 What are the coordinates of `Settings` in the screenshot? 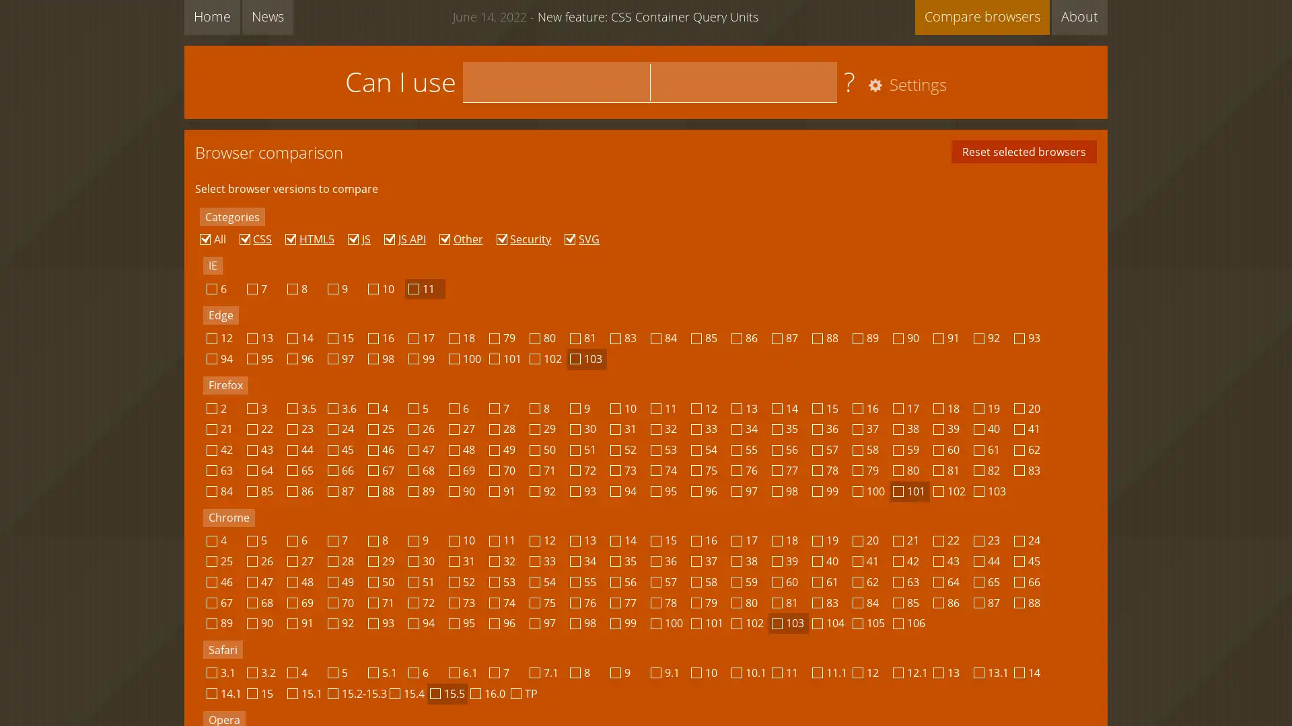 It's located at (904, 85).